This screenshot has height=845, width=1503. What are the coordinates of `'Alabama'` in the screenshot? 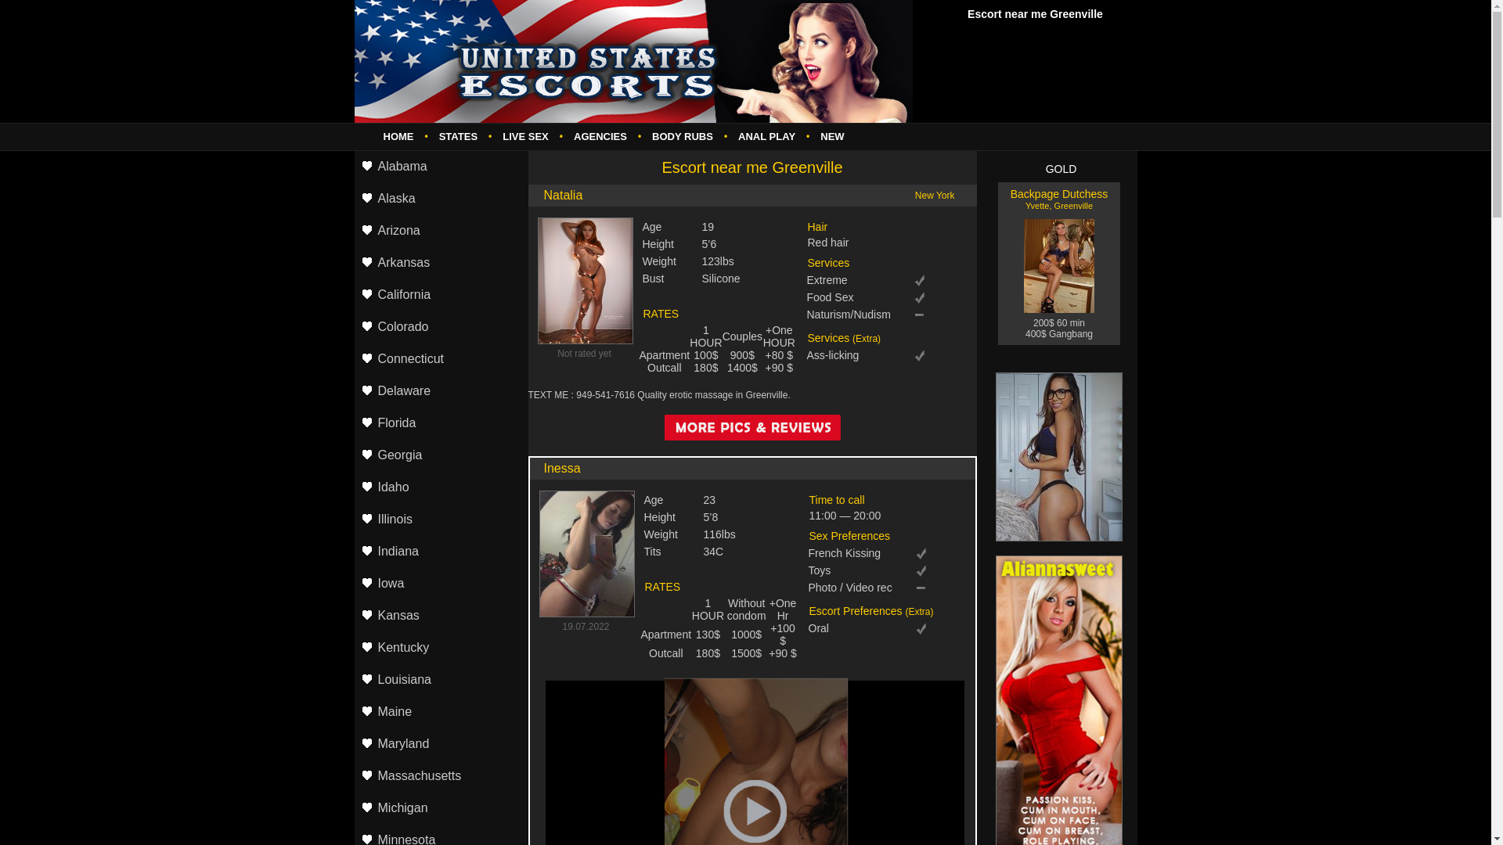 It's located at (438, 167).